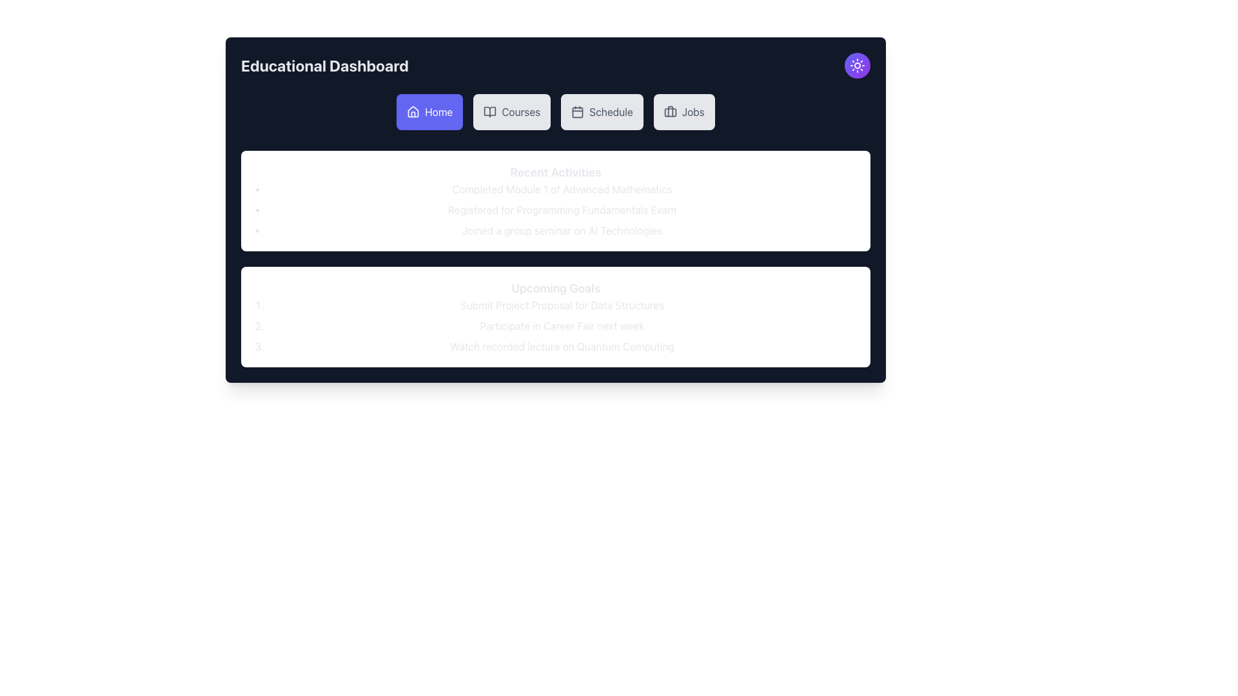  I want to click on the sun-shaped icon located in the top-right corner of the interface, which features a central circular shape and radiating lines against a gradient background, so click(857, 65).